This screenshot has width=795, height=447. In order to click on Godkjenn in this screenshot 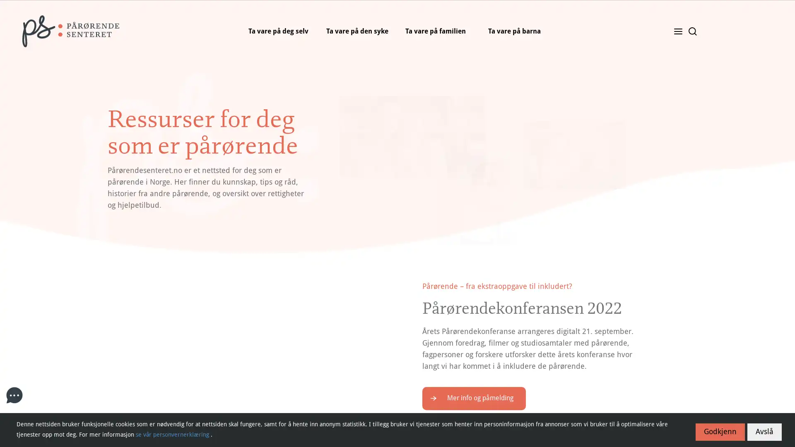, I will do `click(719, 432)`.